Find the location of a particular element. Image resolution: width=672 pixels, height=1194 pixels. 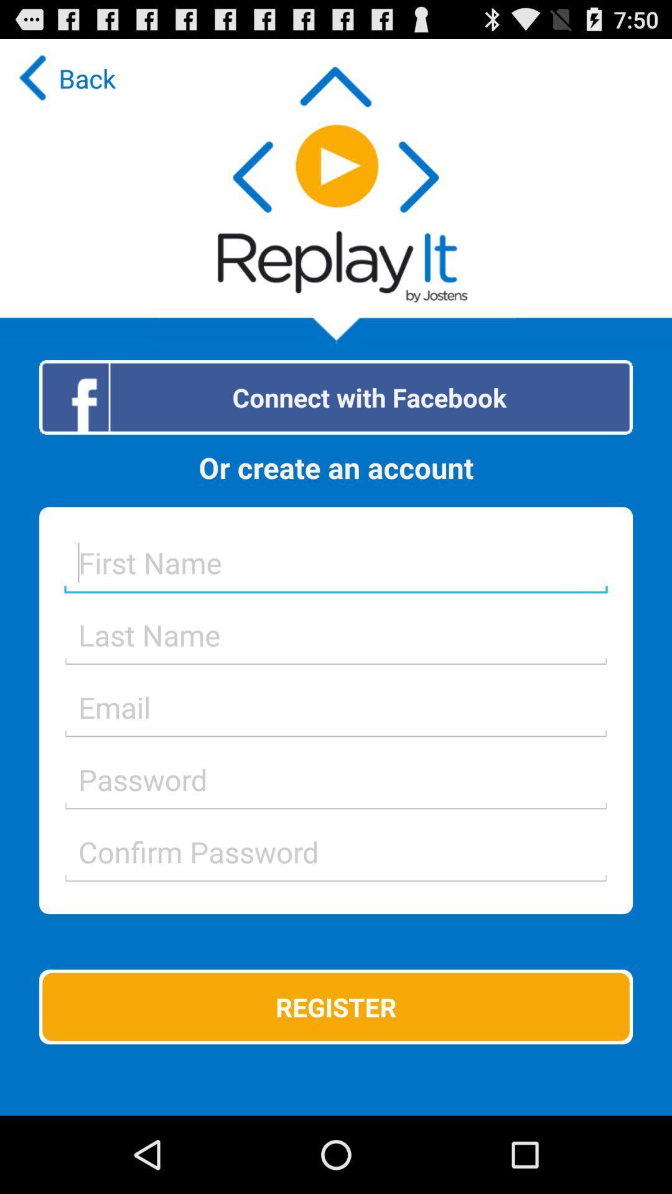

email address is located at coordinates (336, 707).